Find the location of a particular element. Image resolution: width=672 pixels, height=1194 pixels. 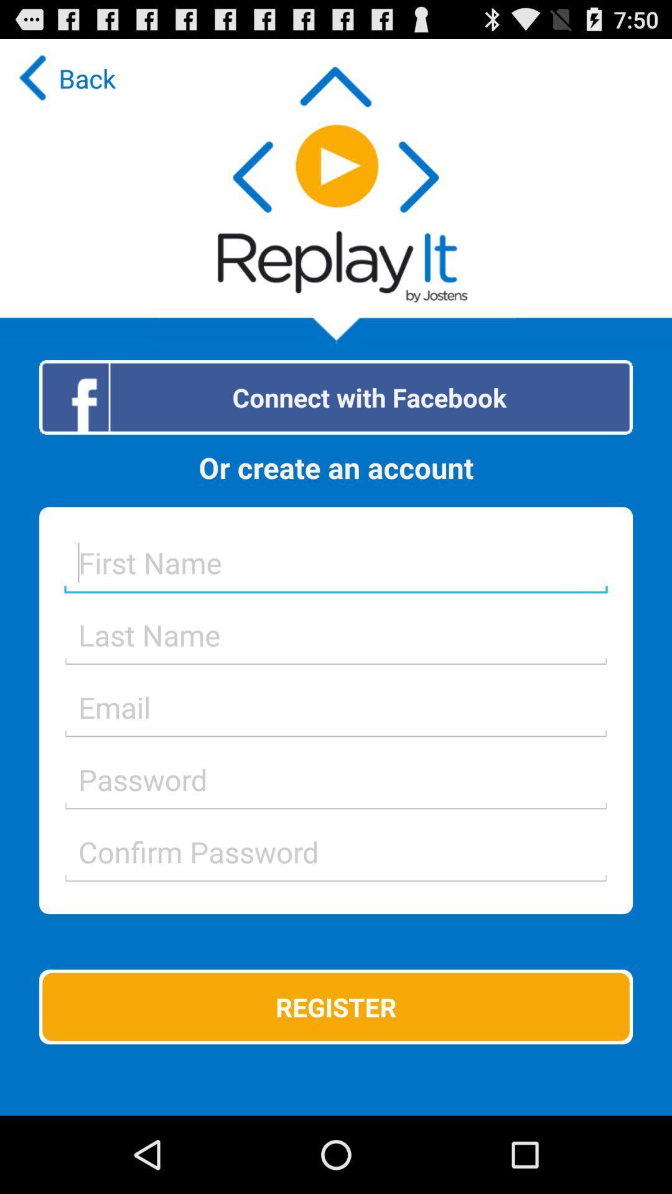

email address is located at coordinates (336, 707).